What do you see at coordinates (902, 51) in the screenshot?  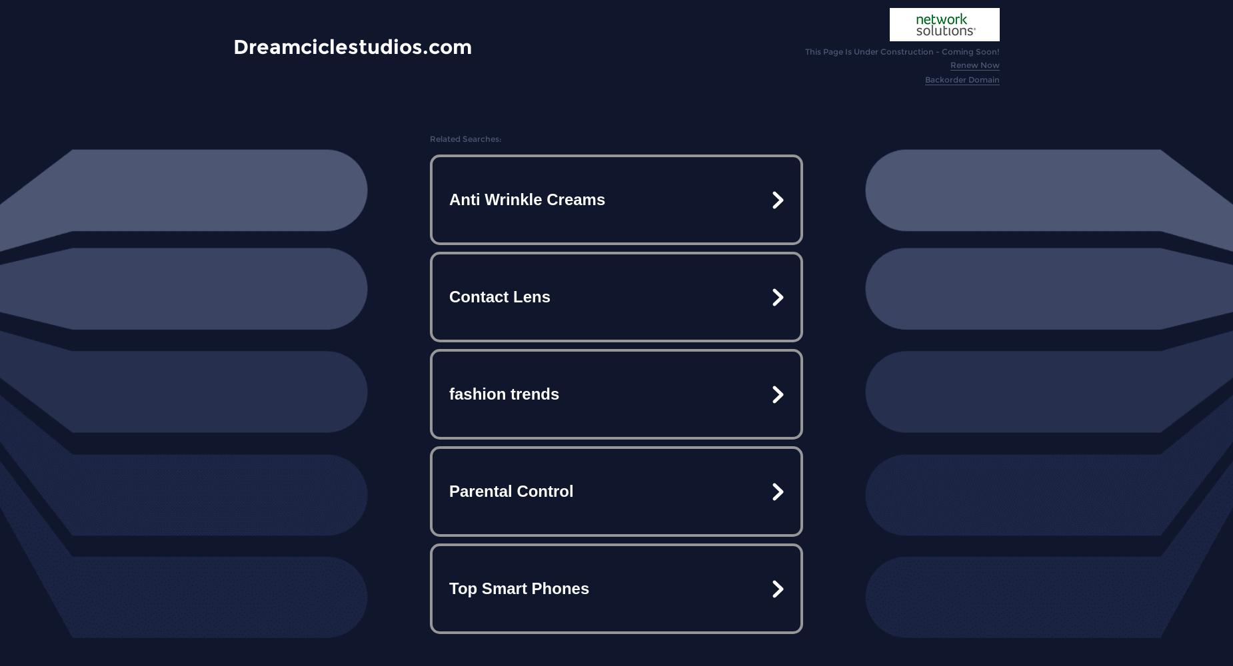 I see `'This Page Is Under Construction - Coming Soon!'` at bounding box center [902, 51].